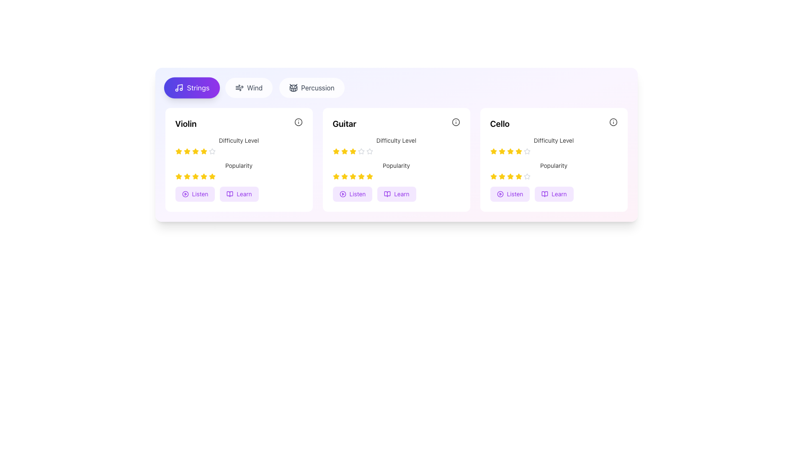  I want to click on the second star icon in the 'Cello' card under the 'Difficulty Level' label, so click(502, 151).